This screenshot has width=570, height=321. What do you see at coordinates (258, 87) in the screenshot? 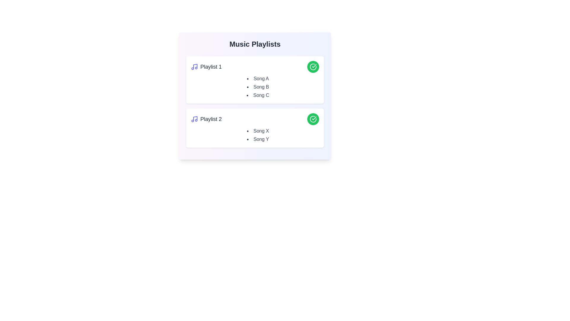
I see `the song Song B to observe its hover effect` at bounding box center [258, 87].